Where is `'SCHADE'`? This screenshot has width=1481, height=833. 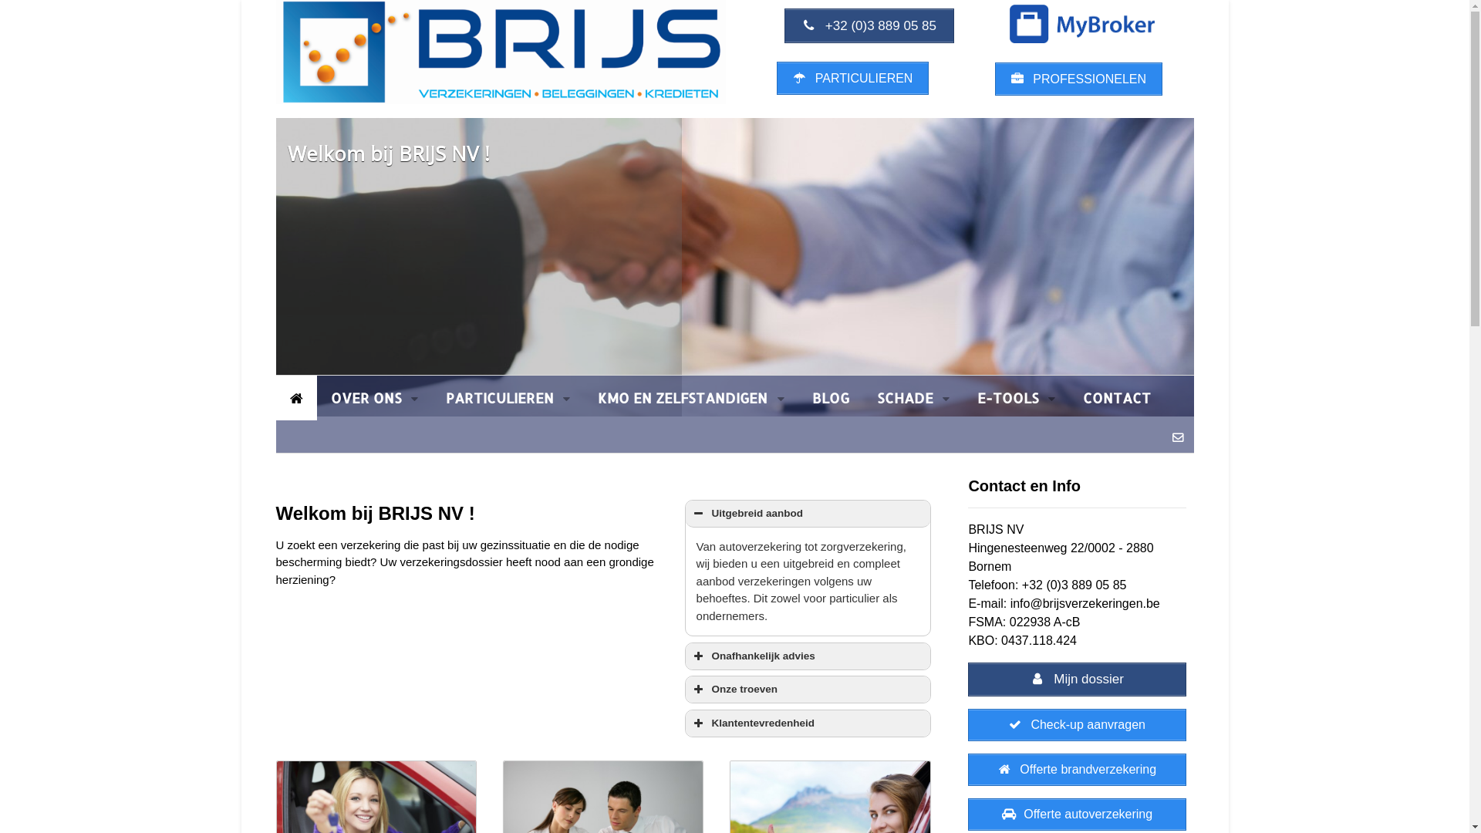
'SCHADE' is located at coordinates (913, 397).